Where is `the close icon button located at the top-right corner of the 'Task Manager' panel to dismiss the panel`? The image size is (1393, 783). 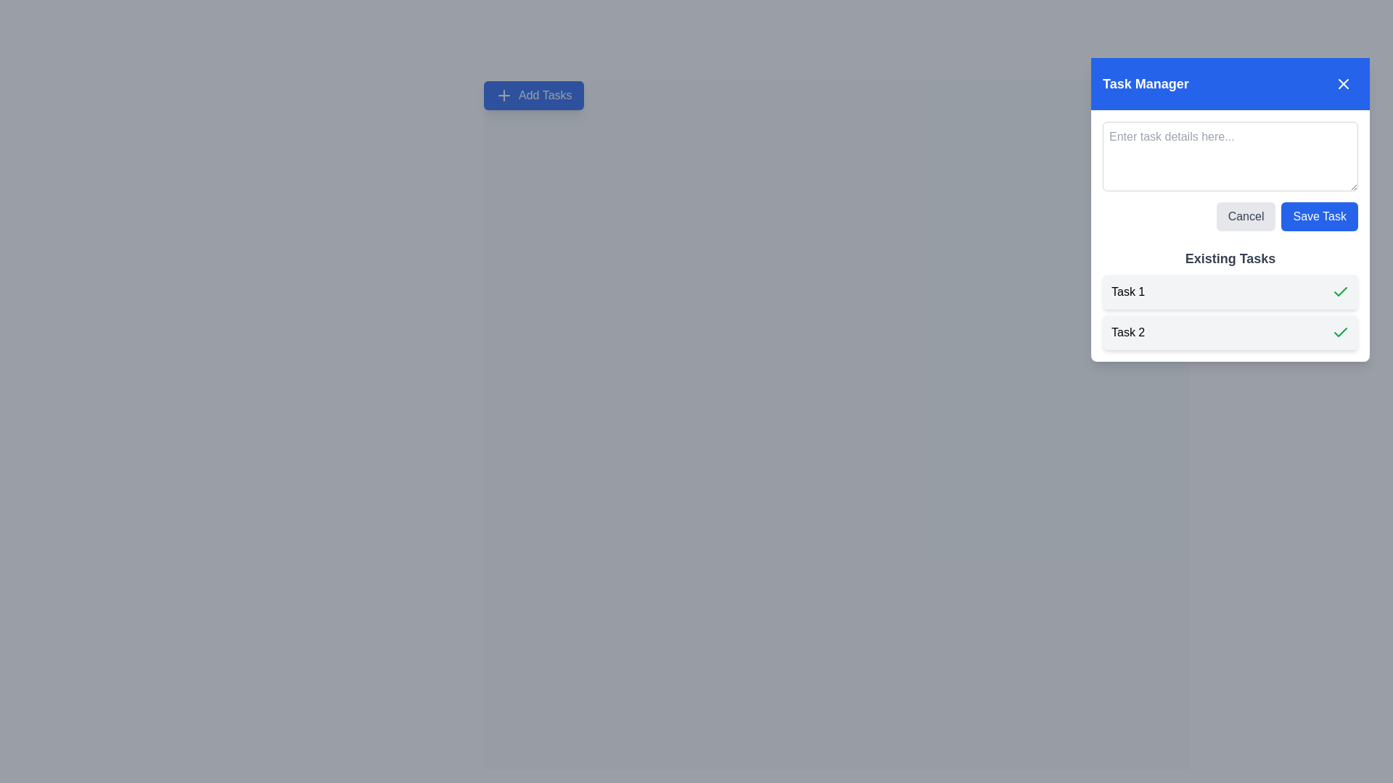
the close icon button located at the top-right corner of the 'Task Manager' panel to dismiss the panel is located at coordinates (1343, 83).